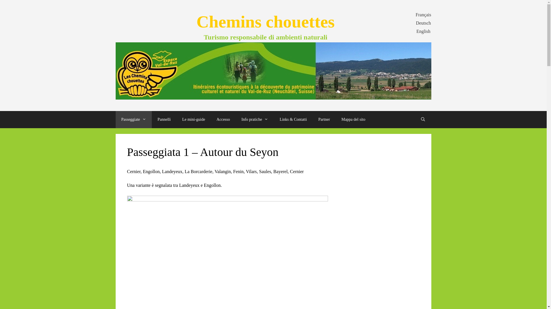  What do you see at coordinates (176, 119) in the screenshot?
I see `'Le mini-guide'` at bounding box center [176, 119].